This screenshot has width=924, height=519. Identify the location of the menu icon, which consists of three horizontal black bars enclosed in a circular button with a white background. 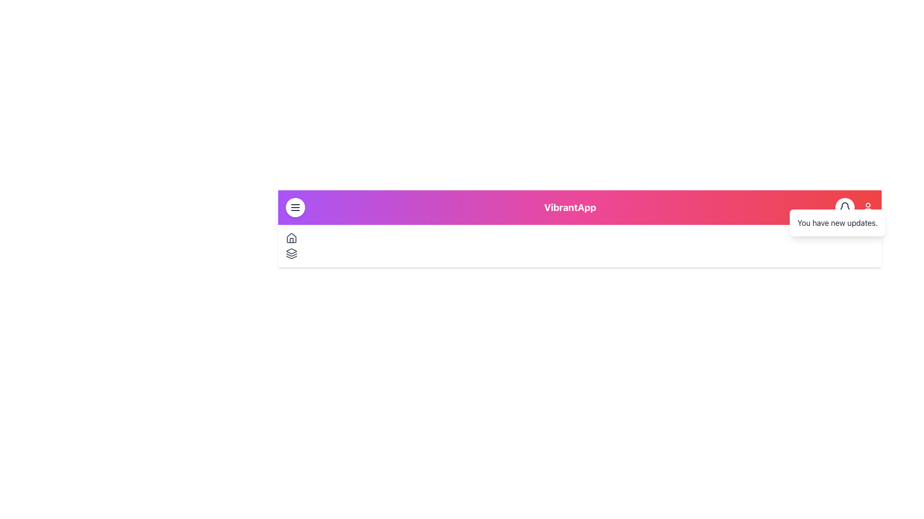
(295, 207).